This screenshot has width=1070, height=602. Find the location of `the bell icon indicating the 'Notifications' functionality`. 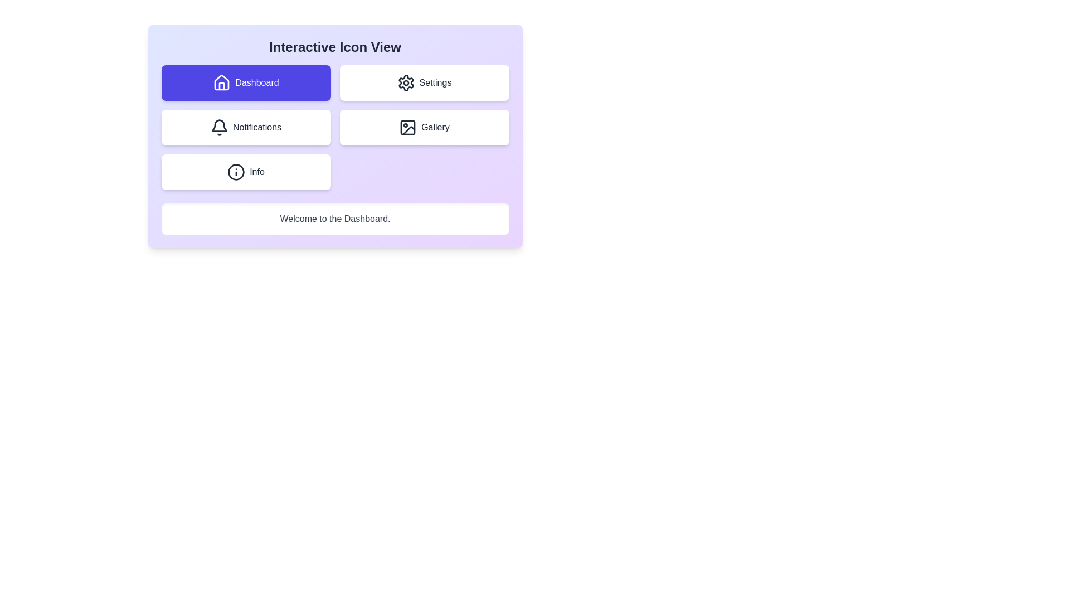

the bell icon indicating the 'Notifications' functionality is located at coordinates (219, 127).